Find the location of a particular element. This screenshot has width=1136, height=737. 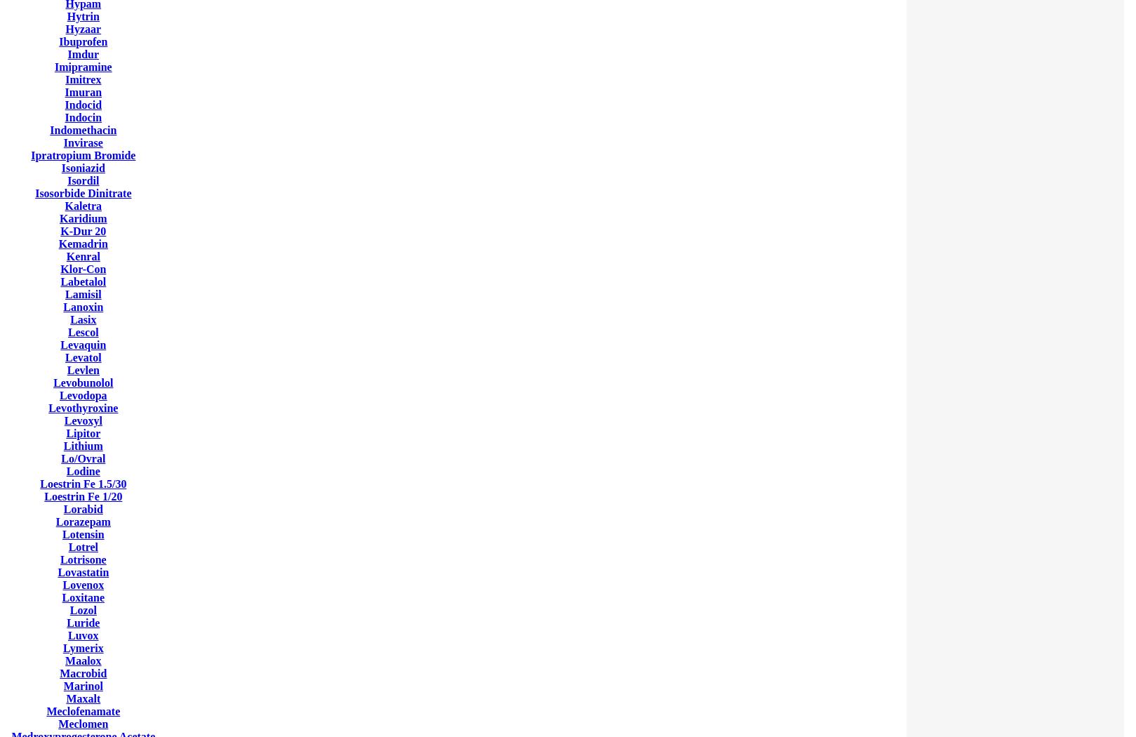

'Ipratropium Bromide' is located at coordinates (83, 154).